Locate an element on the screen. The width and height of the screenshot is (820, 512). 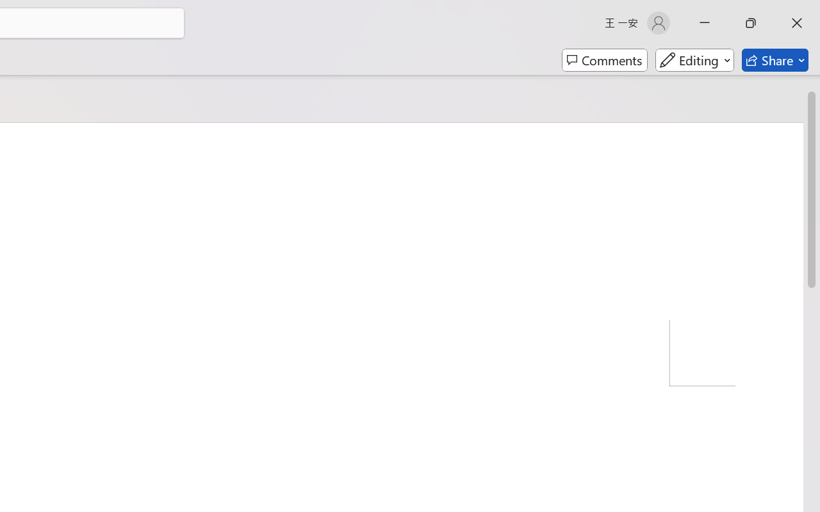
'Minimize' is located at coordinates (704, 22).